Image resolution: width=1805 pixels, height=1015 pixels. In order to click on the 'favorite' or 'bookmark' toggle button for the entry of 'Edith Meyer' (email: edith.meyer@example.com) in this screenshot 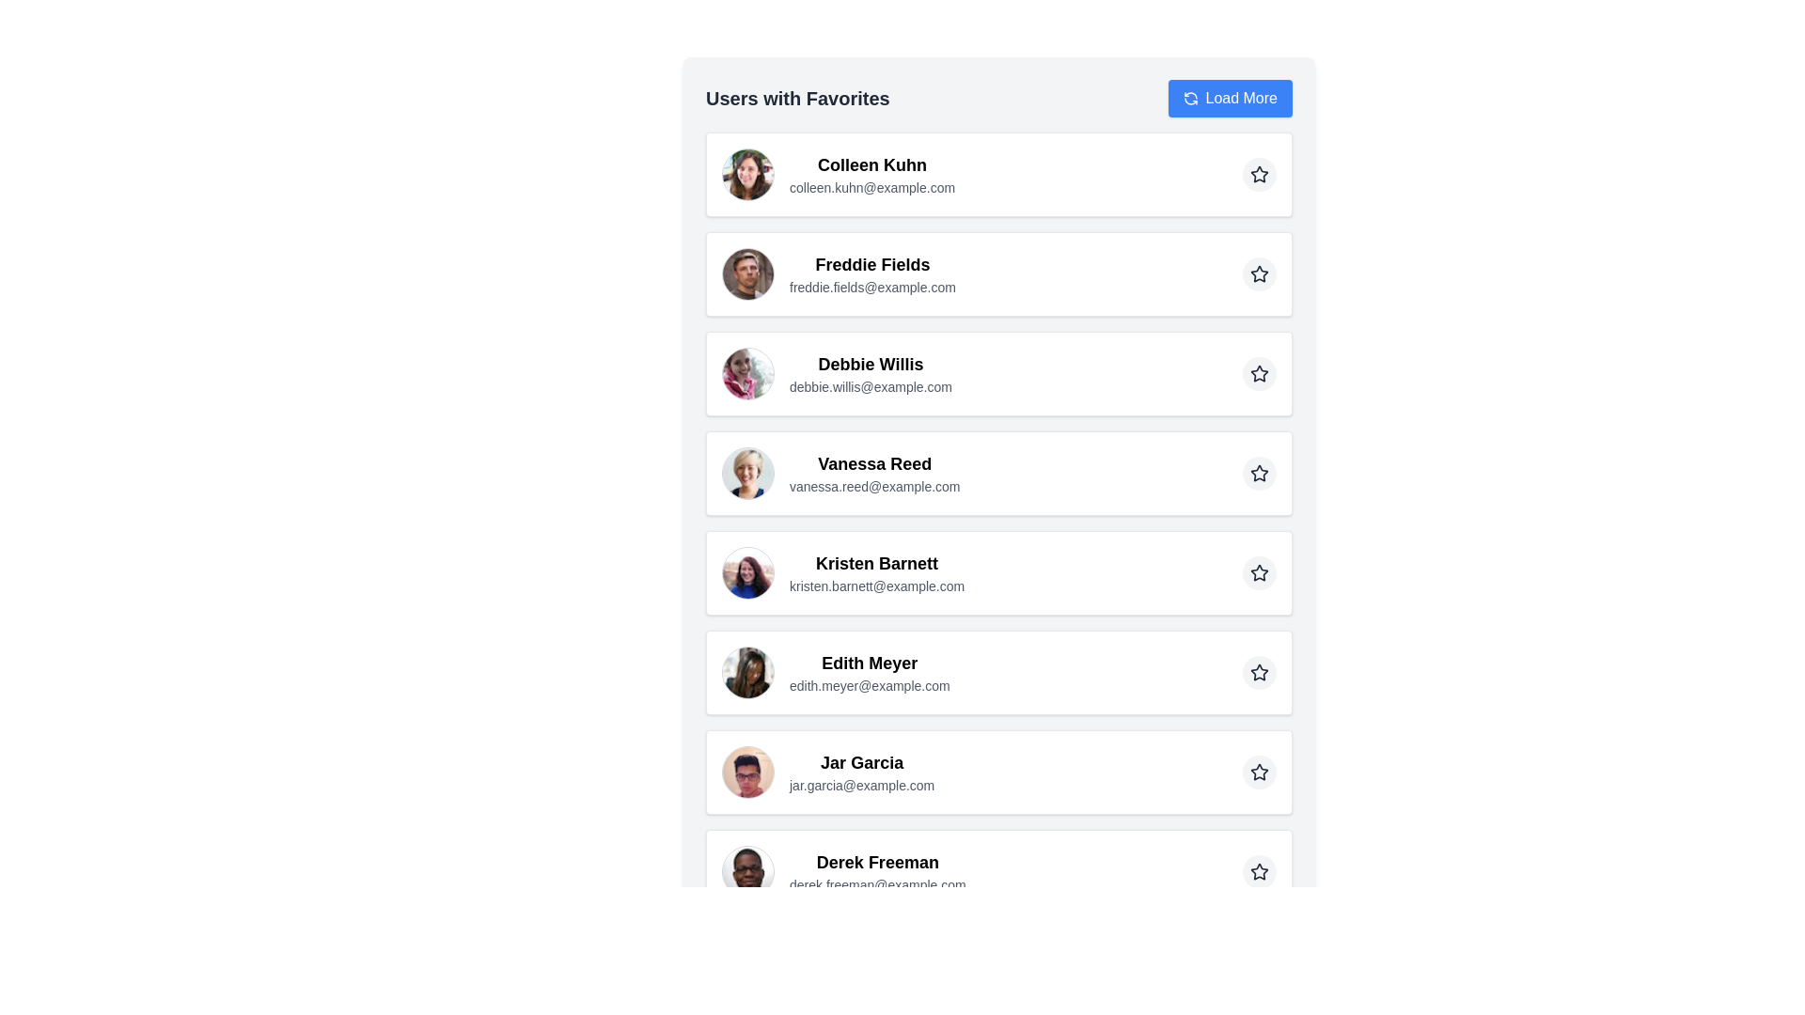, I will do `click(1259, 672)`.